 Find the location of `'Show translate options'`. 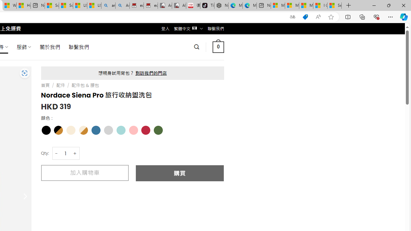

'Show translate options' is located at coordinates (292, 17).